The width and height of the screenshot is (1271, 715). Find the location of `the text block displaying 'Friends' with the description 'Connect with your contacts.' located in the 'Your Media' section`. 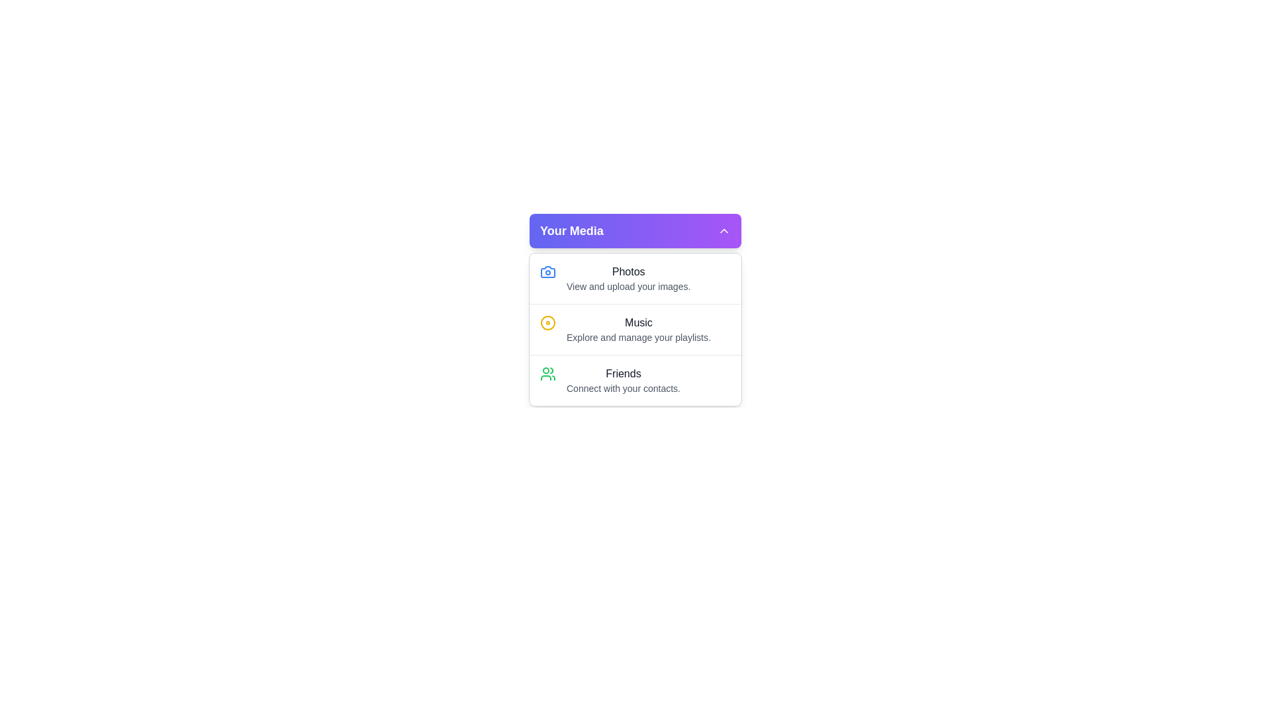

the text block displaying 'Friends' with the description 'Connect with your contacts.' located in the 'Your Media' section is located at coordinates (622, 380).